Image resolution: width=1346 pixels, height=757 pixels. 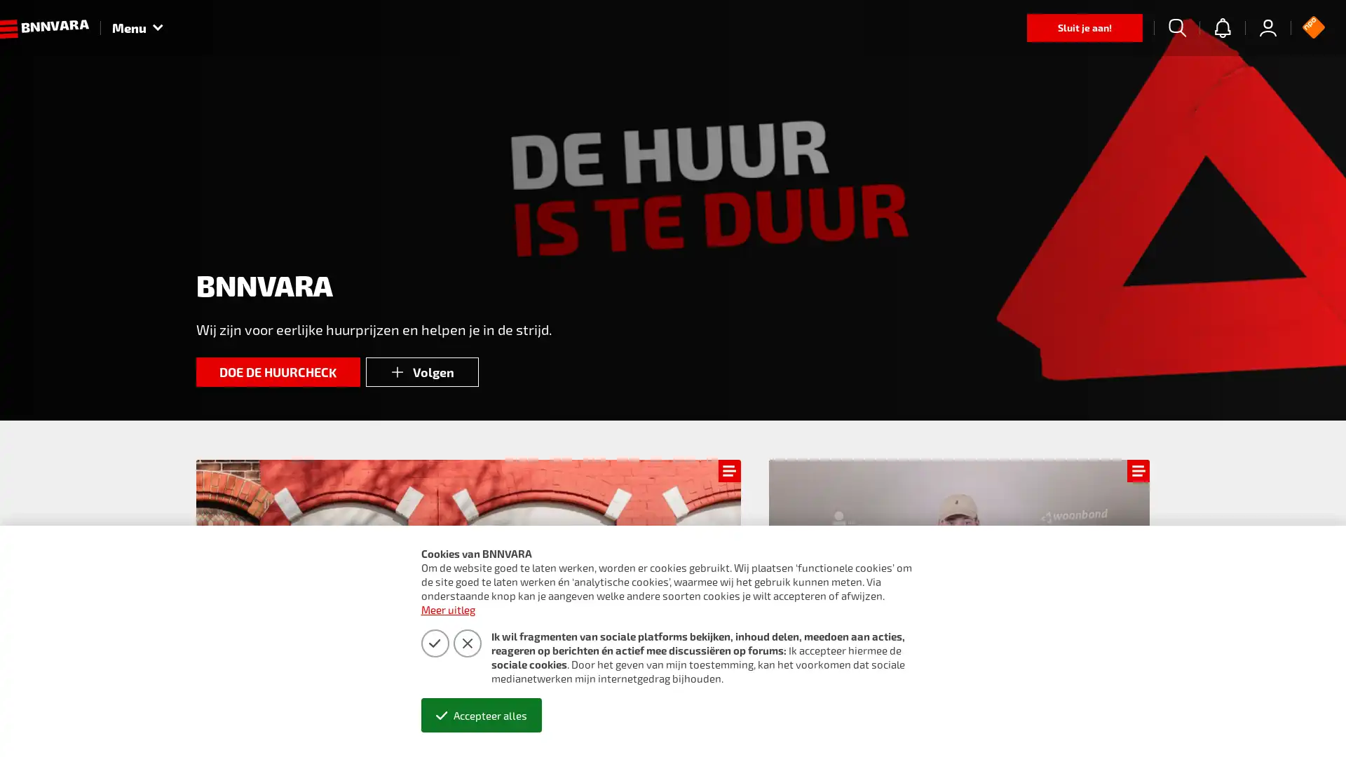 I want to click on Bell, so click(x=1221, y=27).